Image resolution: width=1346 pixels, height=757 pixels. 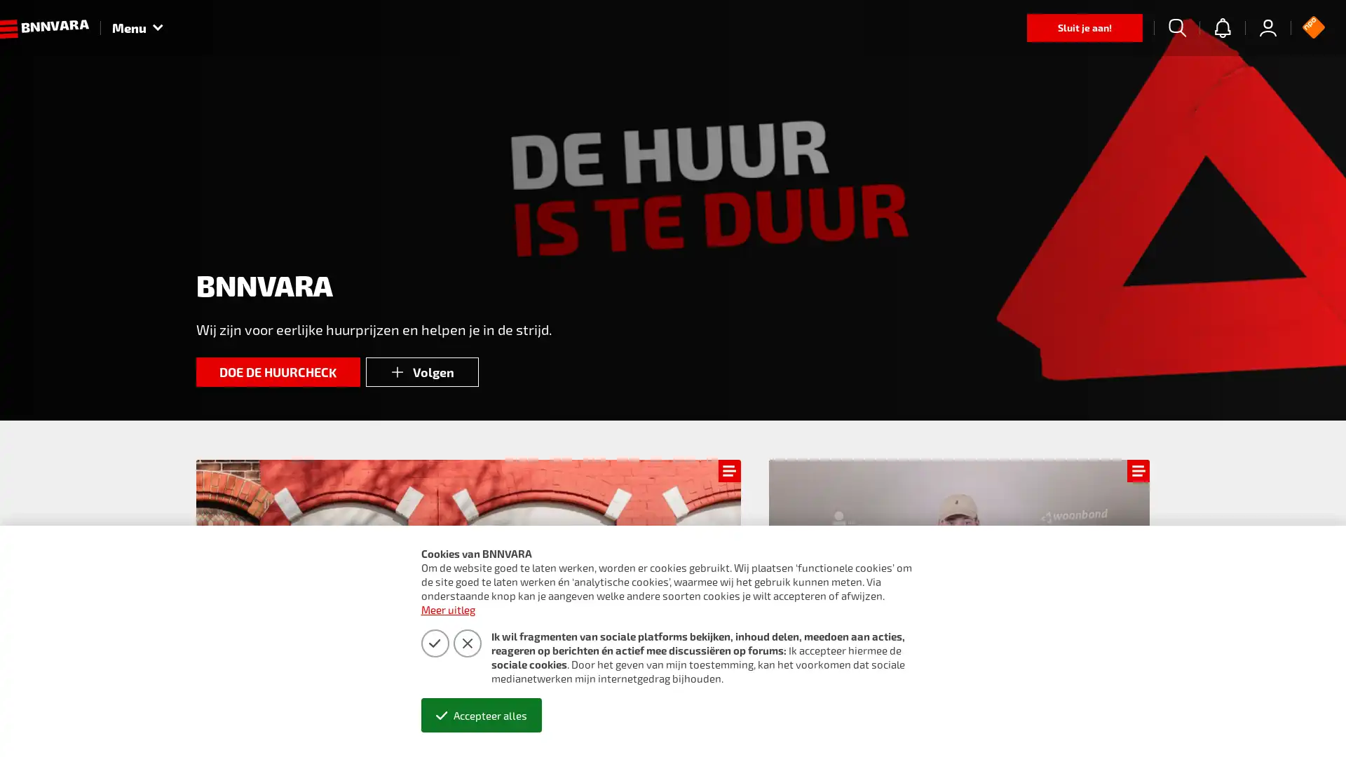 I want to click on Bell, so click(x=1221, y=27).